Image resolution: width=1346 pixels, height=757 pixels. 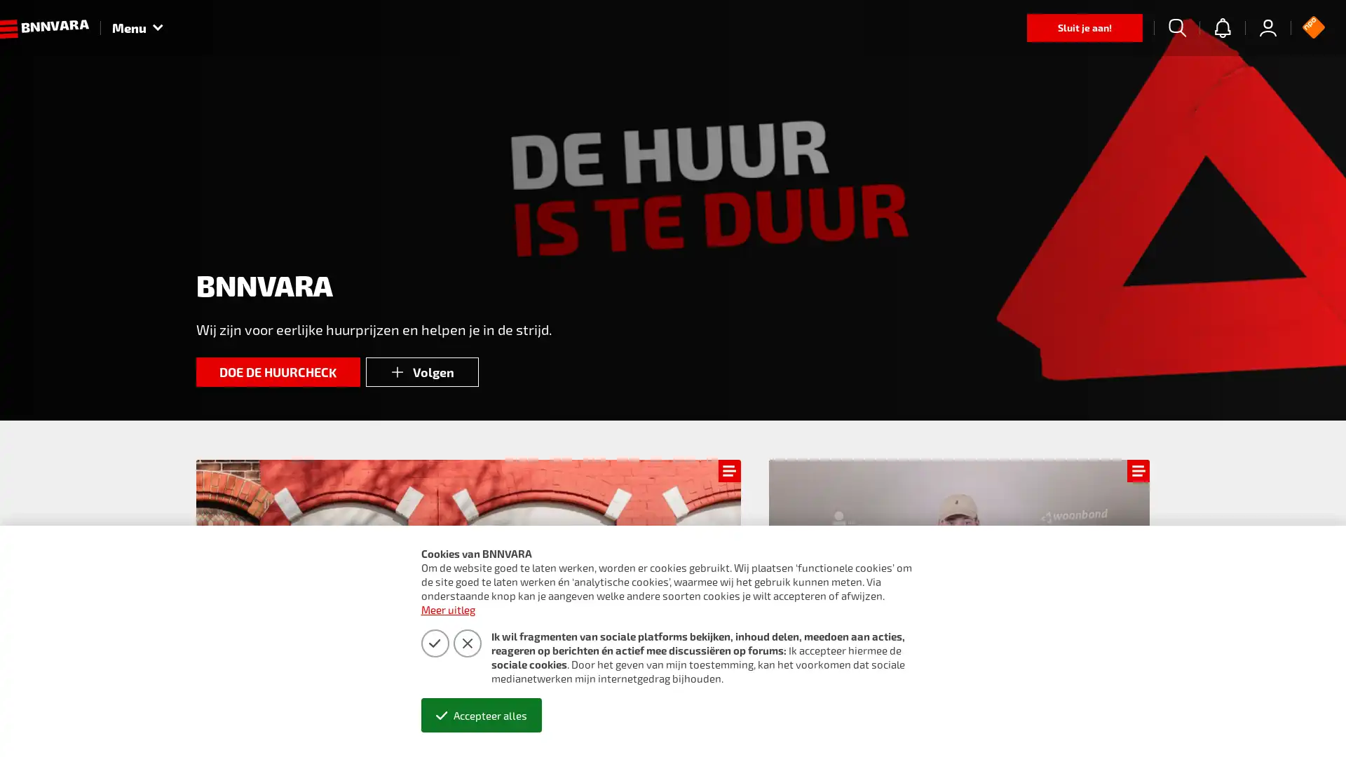 I want to click on Bell, so click(x=1221, y=27).